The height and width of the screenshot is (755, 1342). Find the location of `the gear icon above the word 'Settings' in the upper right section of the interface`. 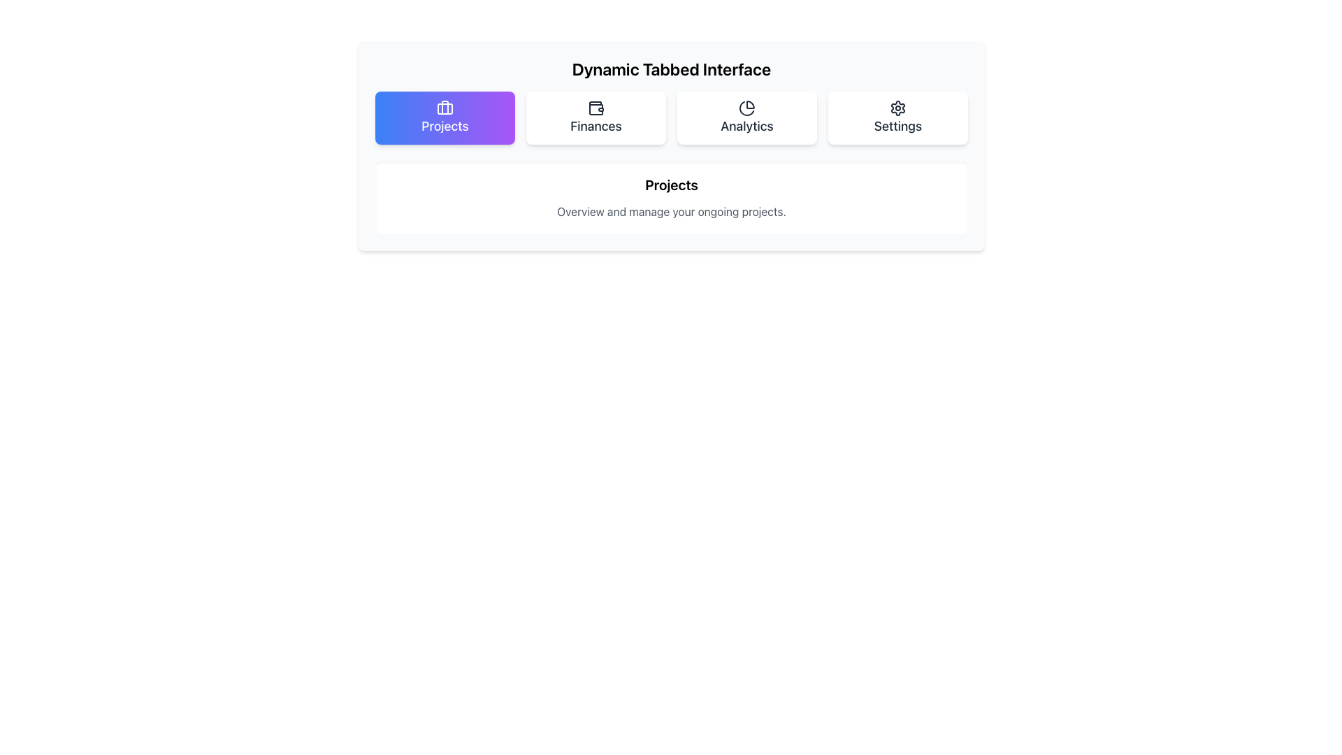

the gear icon above the word 'Settings' in the upper right section of the interface is located at coordinates (898, 117).